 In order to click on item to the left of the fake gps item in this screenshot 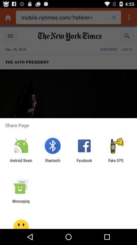, I will do `click(84, 162)`.